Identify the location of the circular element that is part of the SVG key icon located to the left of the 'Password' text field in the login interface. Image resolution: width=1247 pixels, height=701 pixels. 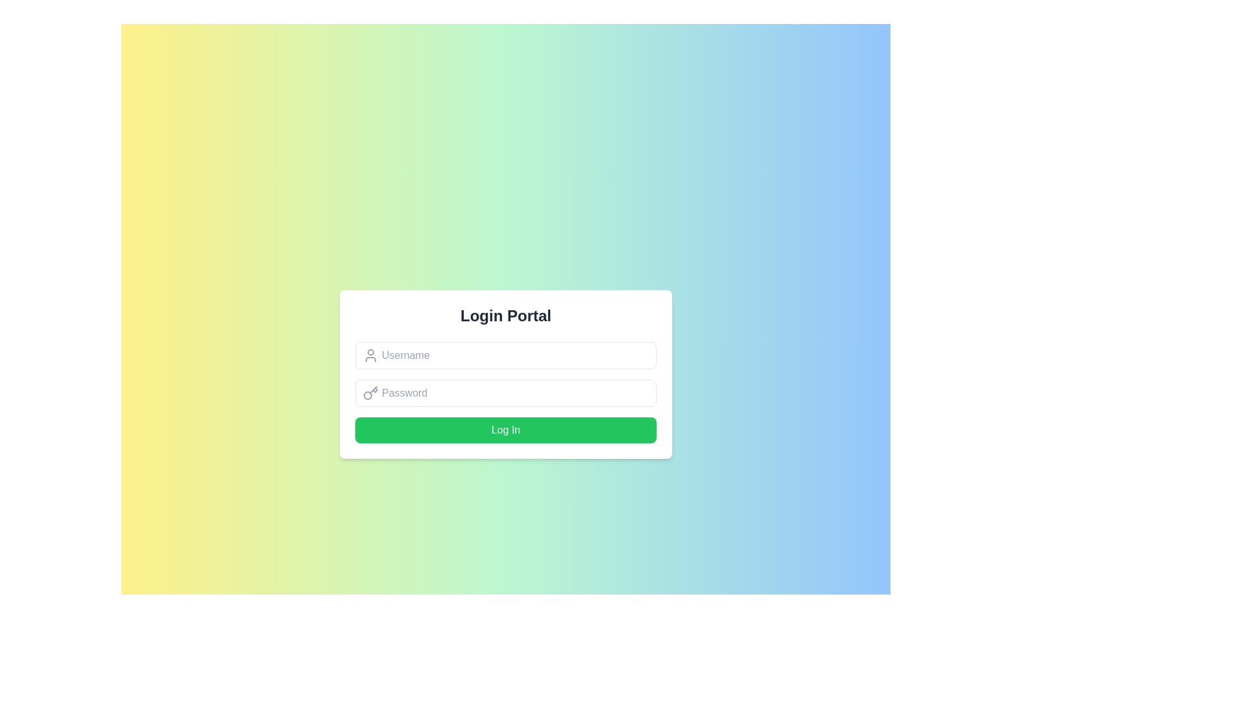
(367, 395).